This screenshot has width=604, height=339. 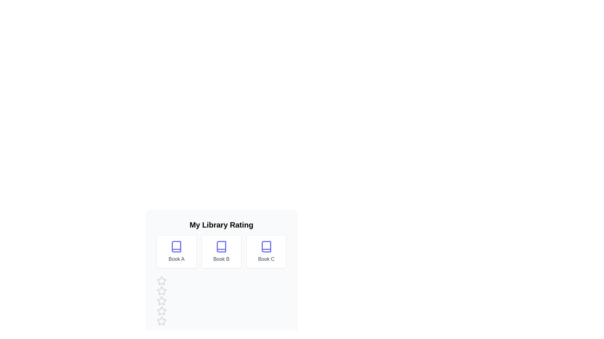 What do you see at coordinates (266, 246) in the screenshot?
I see `the book icon for Book C` at bounding box center [266, 246].